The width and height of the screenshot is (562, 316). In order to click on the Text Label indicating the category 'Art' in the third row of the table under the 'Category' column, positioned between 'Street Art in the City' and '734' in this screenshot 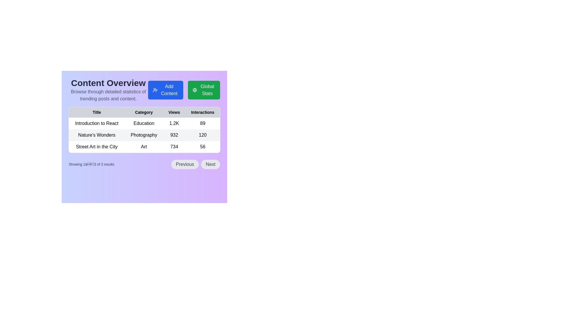, I will do `click(144, 146)`.